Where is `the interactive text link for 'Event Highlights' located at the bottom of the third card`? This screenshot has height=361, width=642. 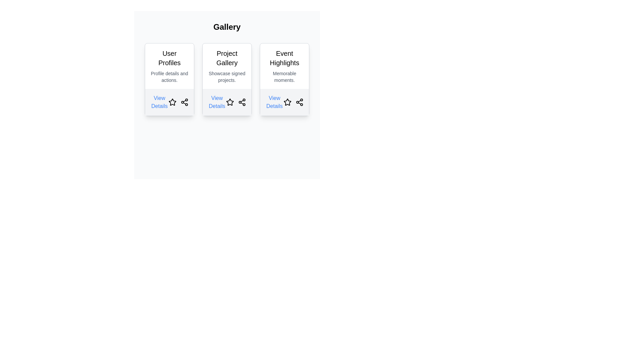
the interactive text link for 'Event Highlights' located at the bottom of the third card is located at coordinates (274, 102).